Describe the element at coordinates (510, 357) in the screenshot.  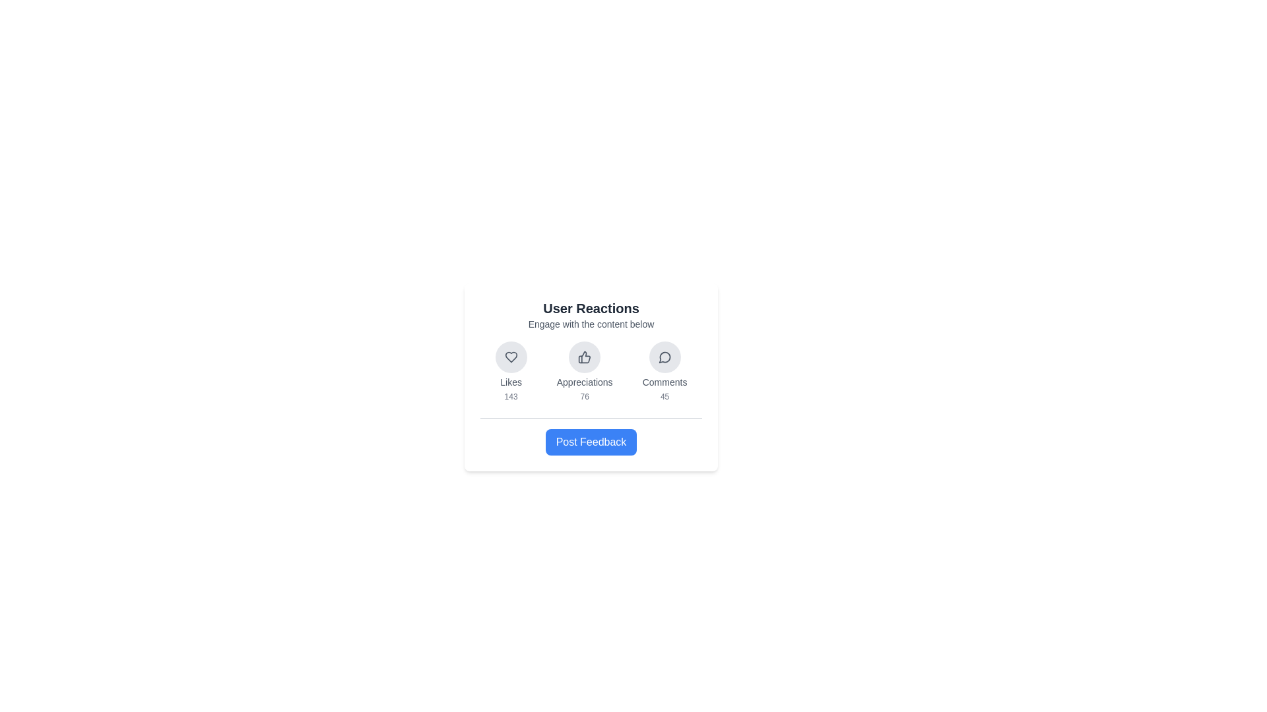
I see `the heart icon, which is the leftmost button in the 'User Reactions' group, to like or favorite the content` at that location.